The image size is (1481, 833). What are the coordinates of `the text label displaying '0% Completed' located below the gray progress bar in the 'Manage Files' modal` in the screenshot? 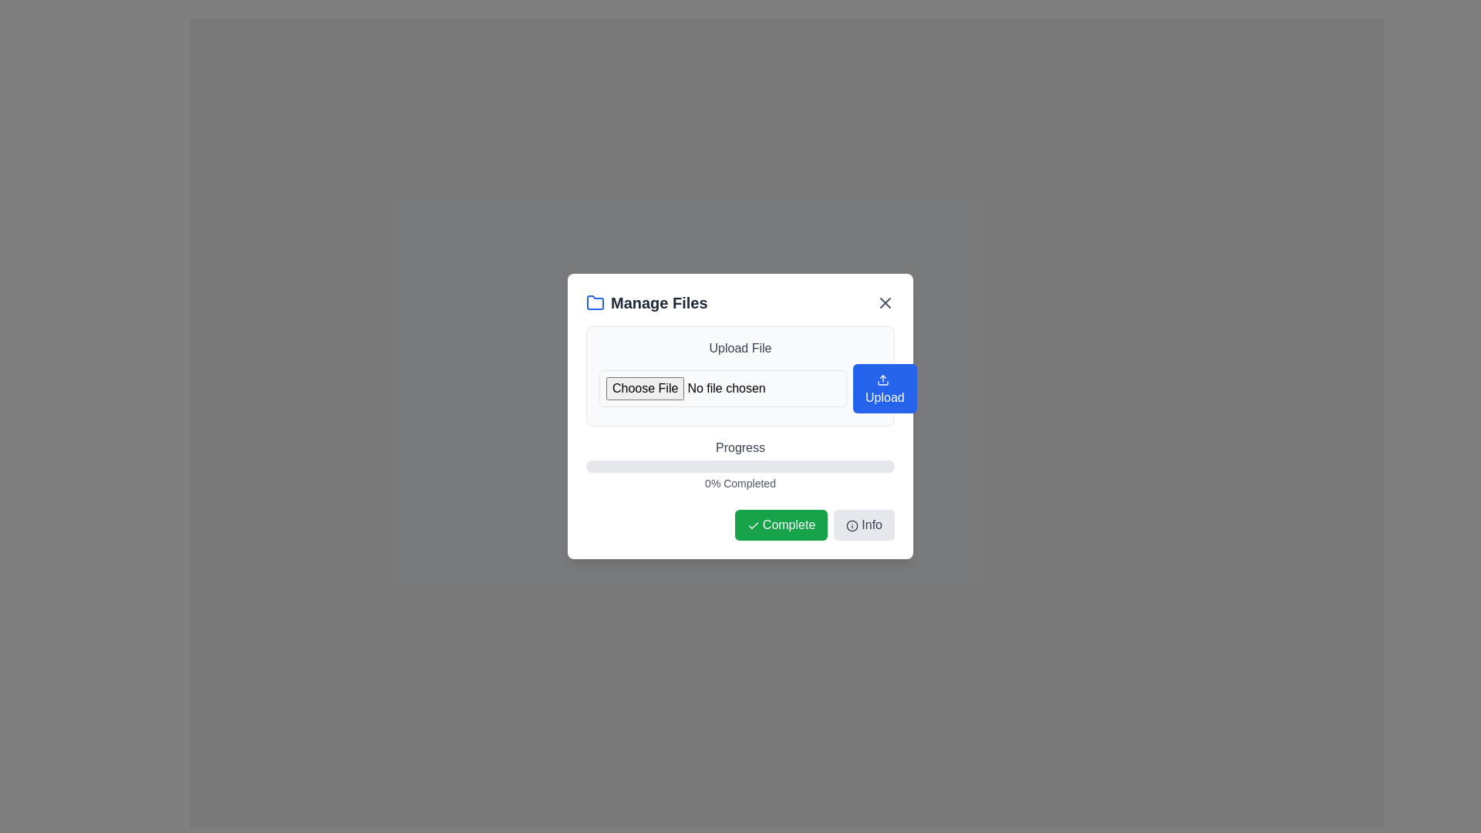 It's located at (740, 483).